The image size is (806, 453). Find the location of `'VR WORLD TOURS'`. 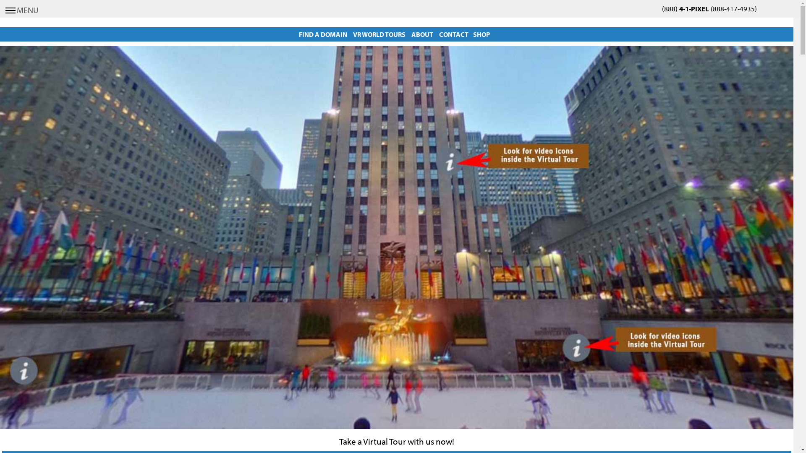

'VR WORLD TOURS' is located at coordinates (379, 34).